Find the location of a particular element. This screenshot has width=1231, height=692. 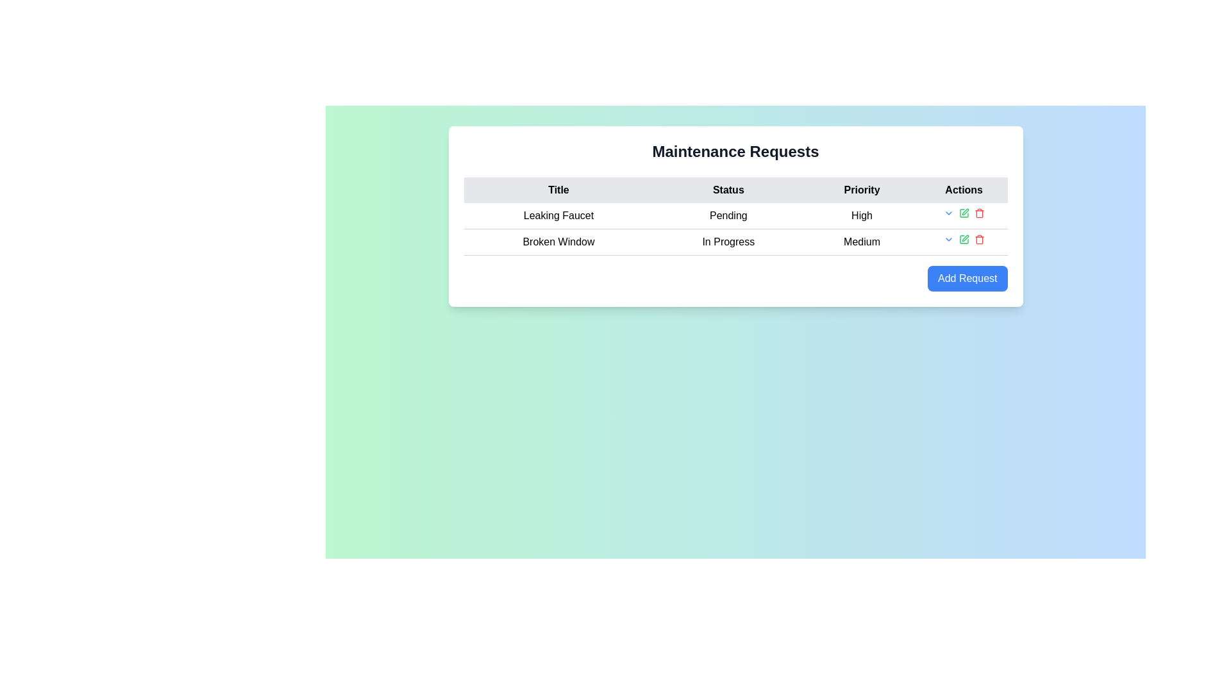

the delete icon located in the 'Actions' column of the second row of the table is located at coordinates (978, 240).